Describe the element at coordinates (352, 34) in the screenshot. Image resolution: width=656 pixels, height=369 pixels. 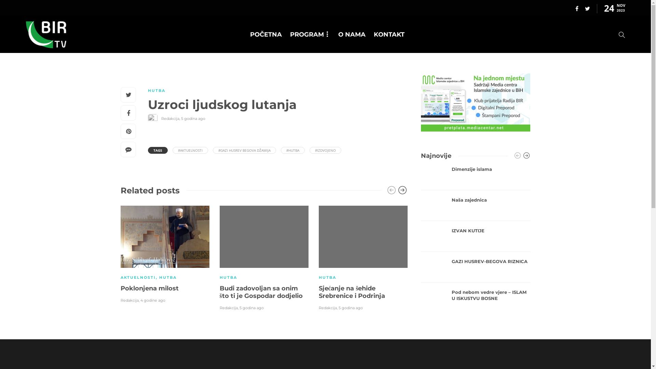
I see `'O NAMA'` at that location.